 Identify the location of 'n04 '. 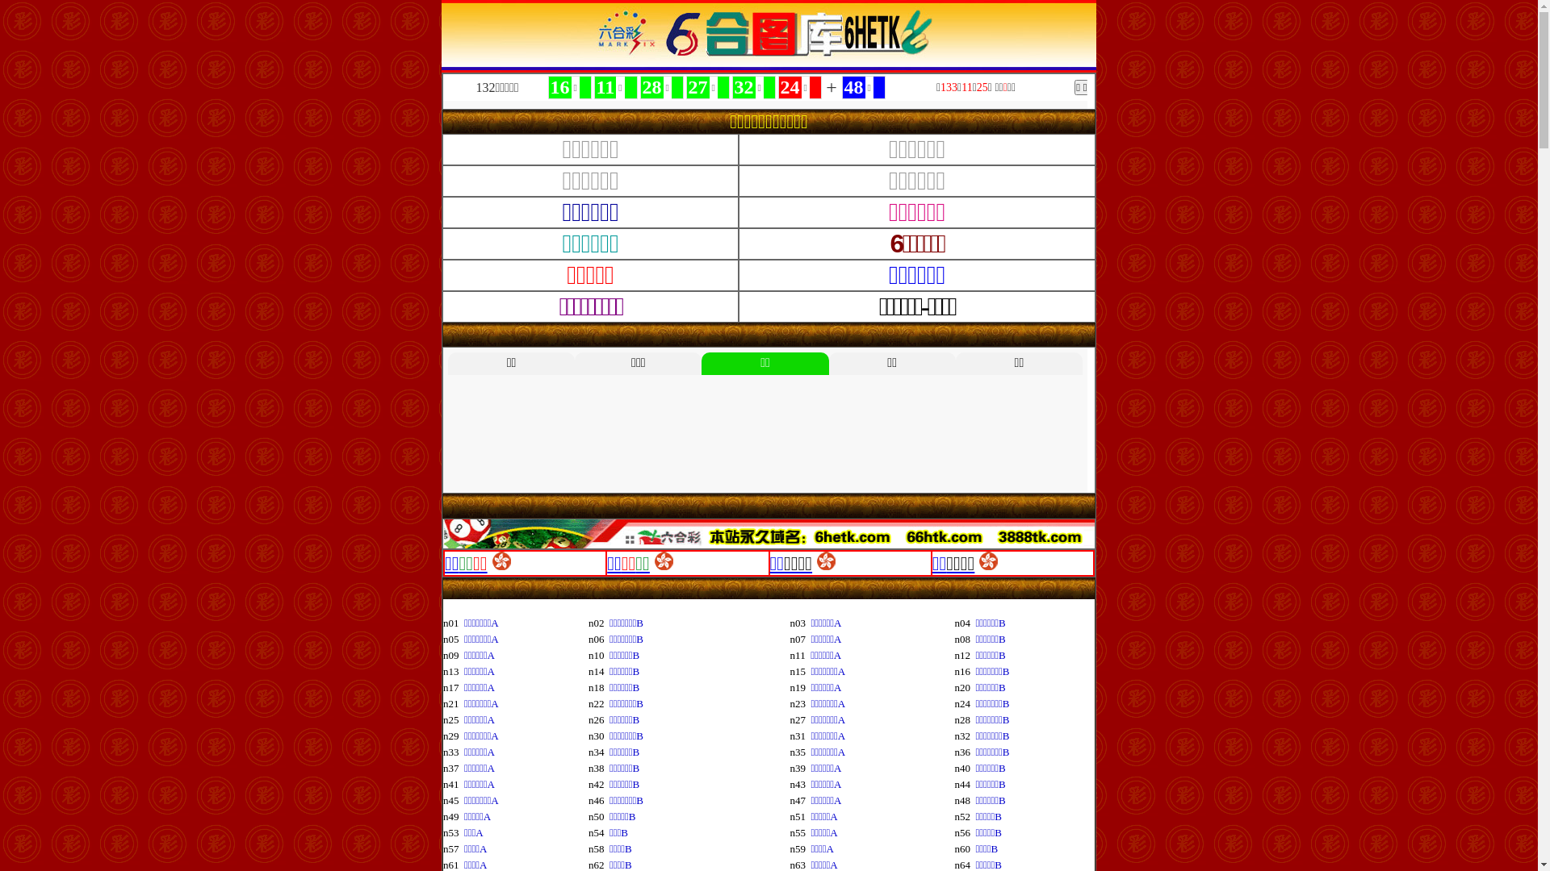
(965, 622).